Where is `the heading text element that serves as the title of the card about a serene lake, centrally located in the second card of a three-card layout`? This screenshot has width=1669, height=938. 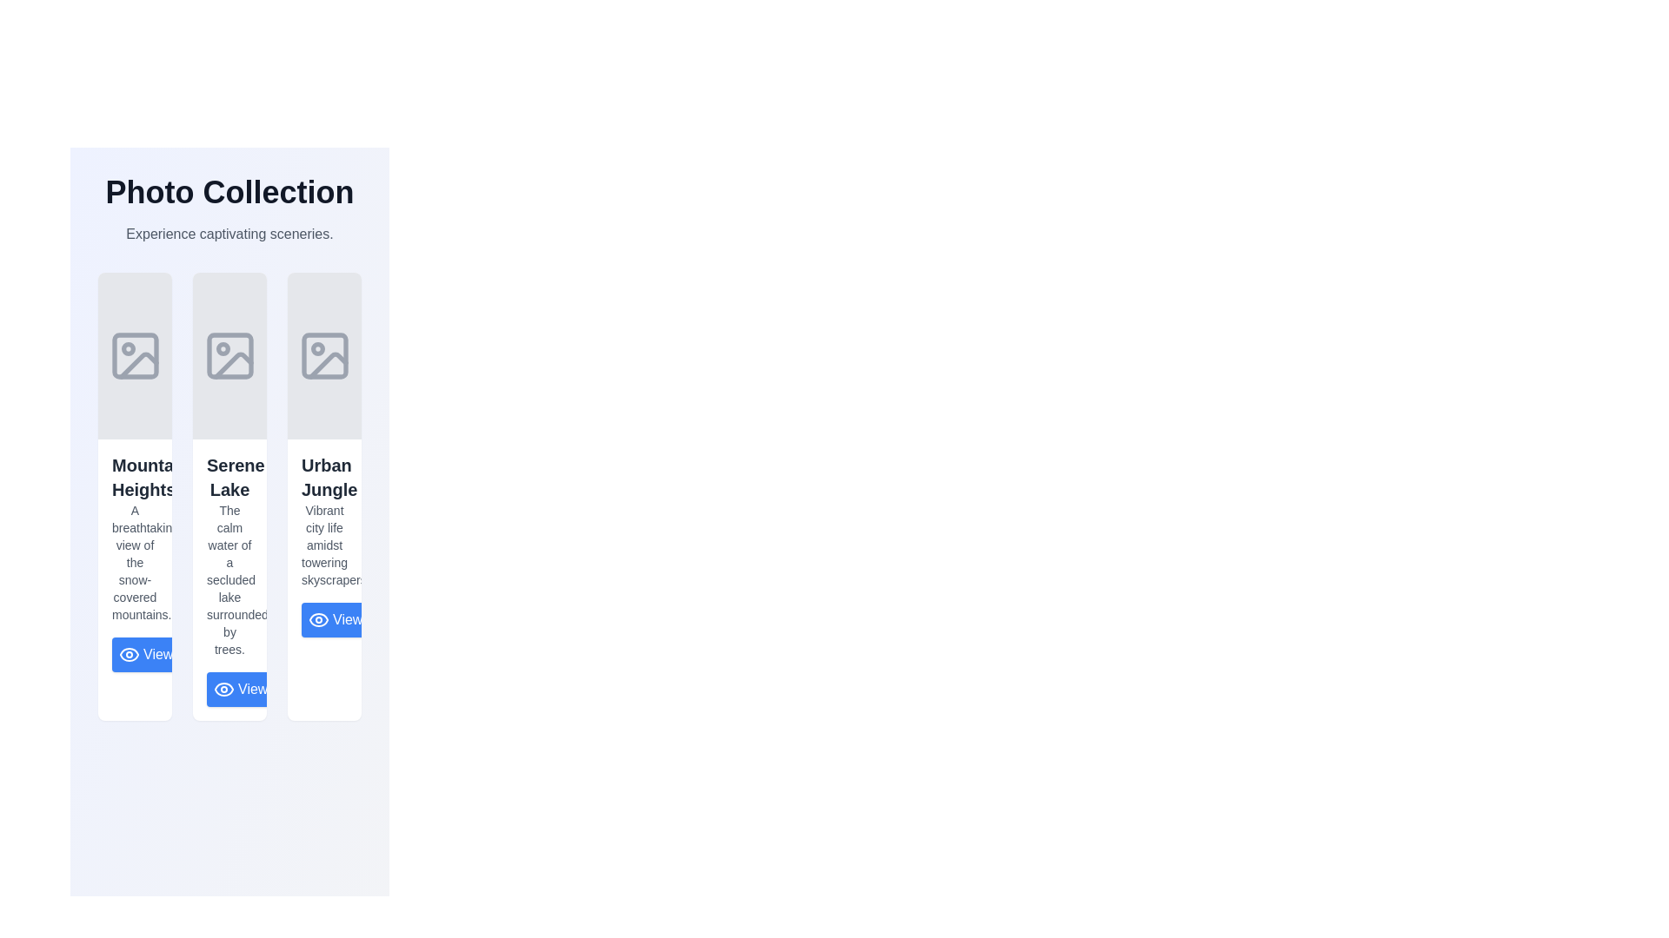
the heading text element that serves as the title of the card about a serene lake, centrally located in the second card of a three-card layout is located at coordinates (229, 478).